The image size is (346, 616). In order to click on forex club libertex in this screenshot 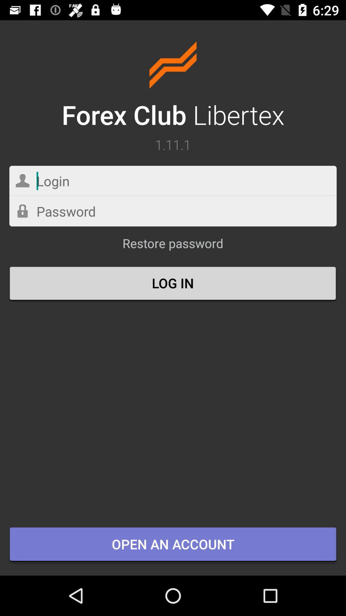, I will do `click(173, 86)`.